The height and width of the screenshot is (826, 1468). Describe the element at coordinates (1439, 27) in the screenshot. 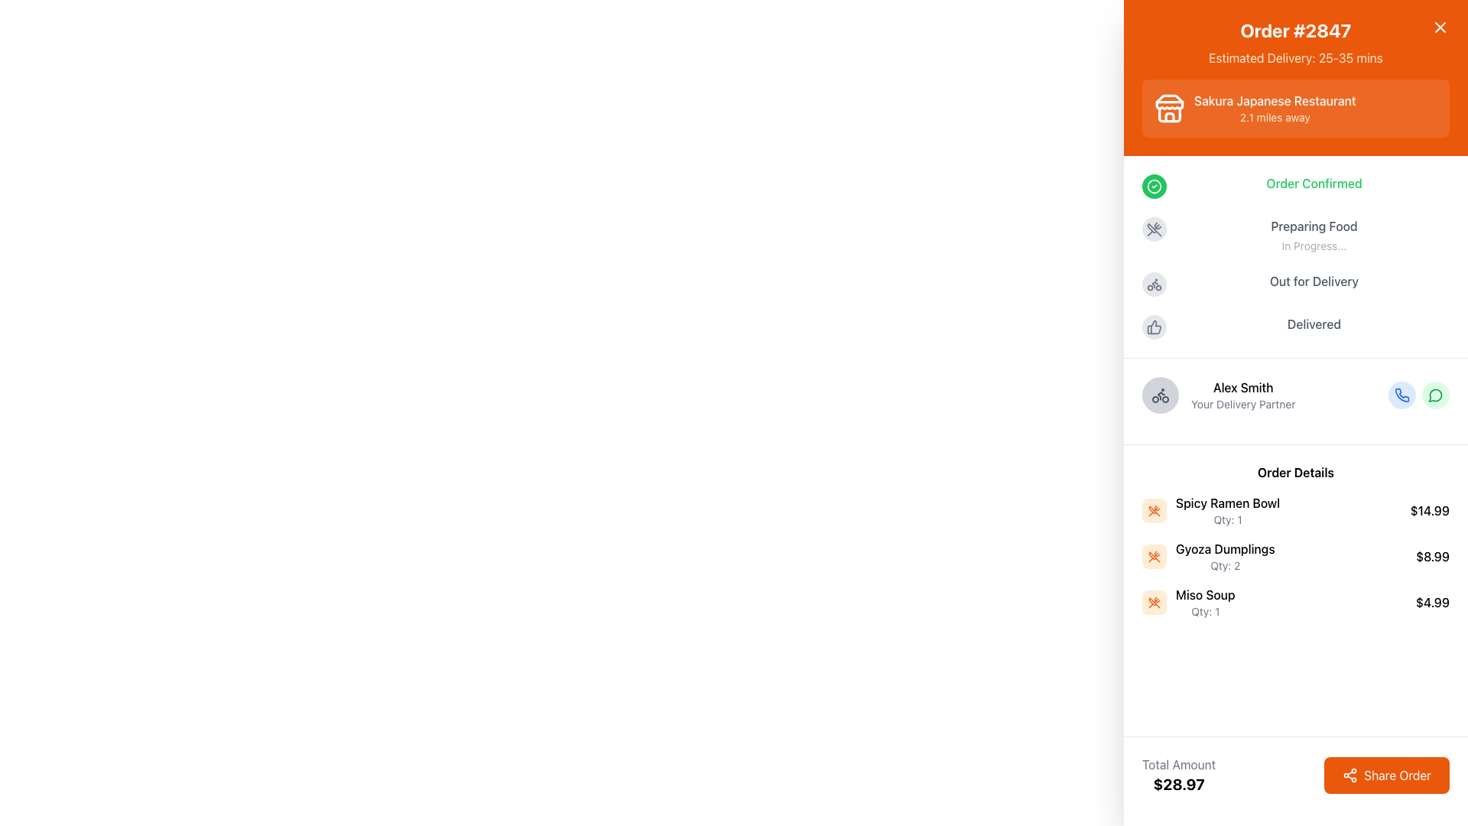

I see `the close icon button located in the top-right corner of the orange header titled 'Order #2847'` at that location.